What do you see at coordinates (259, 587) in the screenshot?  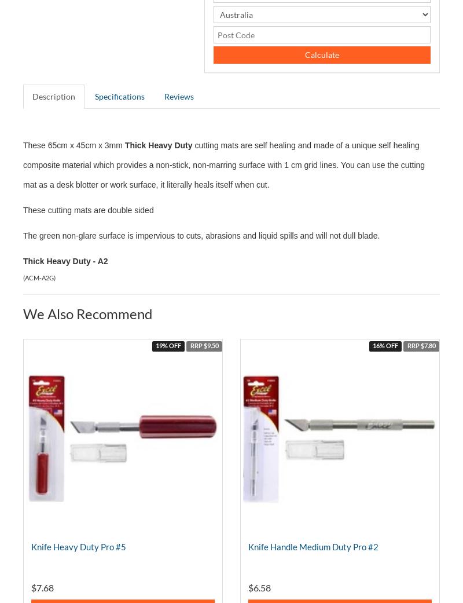 I see `'$6.58'` at bounding box center [259, 587].